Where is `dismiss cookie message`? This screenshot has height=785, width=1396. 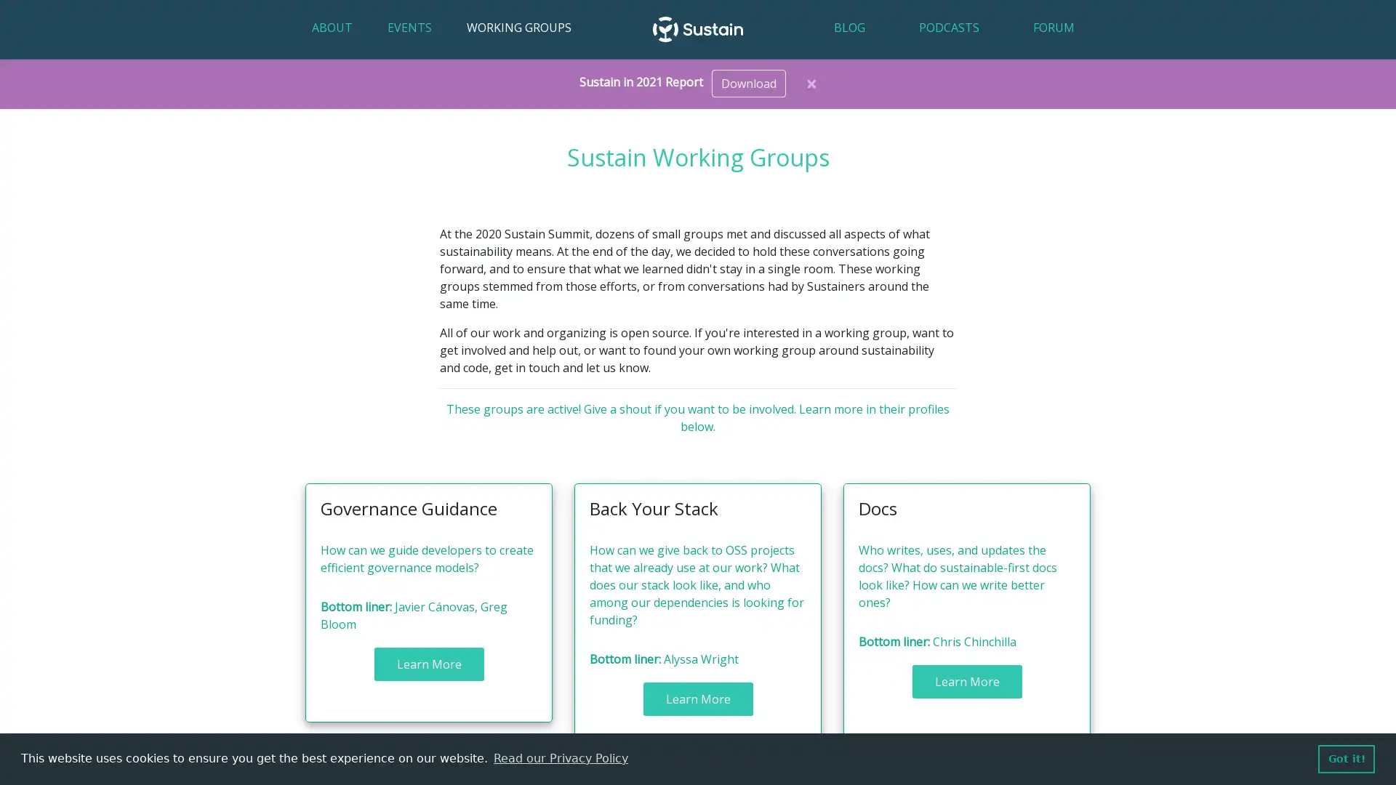
dismiss cookie message is located at coordinates (1346, 758).